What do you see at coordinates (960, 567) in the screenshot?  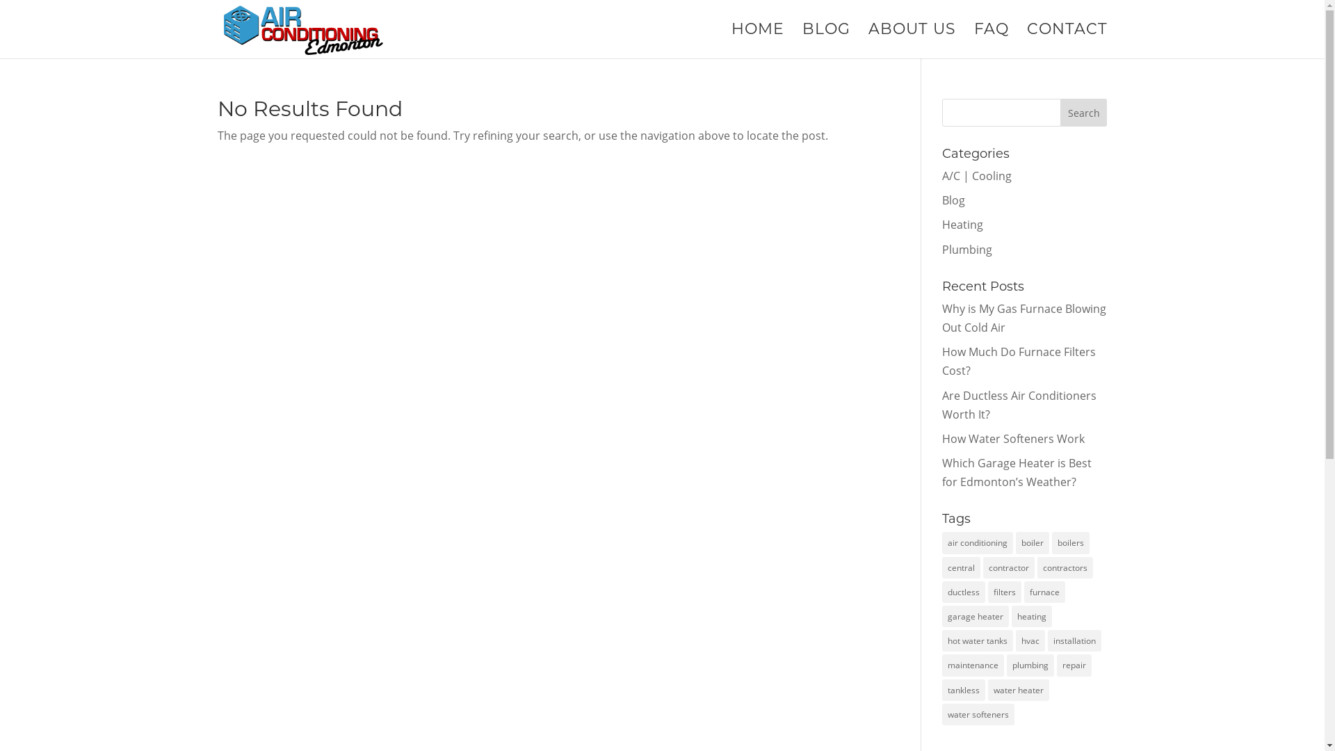 I see `'central'` at bounding box center [960, 567].